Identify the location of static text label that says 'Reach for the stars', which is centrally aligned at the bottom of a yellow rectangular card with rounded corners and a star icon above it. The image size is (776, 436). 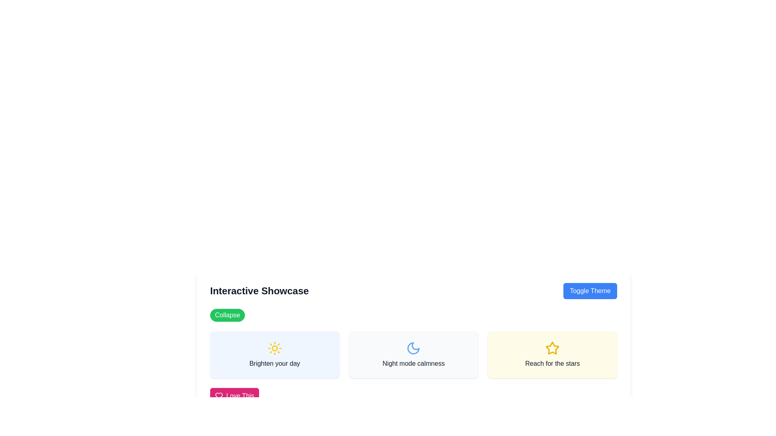
(552, 364).